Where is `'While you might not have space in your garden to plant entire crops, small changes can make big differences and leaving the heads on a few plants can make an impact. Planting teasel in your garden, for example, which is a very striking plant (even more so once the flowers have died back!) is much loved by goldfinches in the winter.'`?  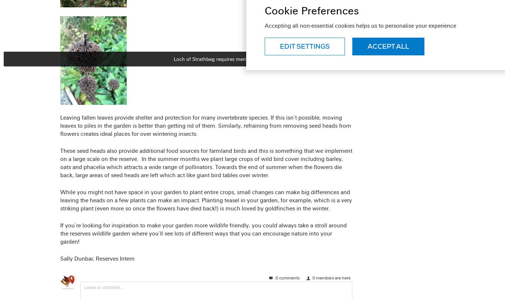 'While you might not have space in your garden to plant entire crops, small changes can make big differences and leaving the heads on a few plants can make an impact. Planting teasel in your garden, for example, which is a very striking plant (even more so once the flowers have died back!) is much loved by goldfinches in the winter.' is located at coordinates (206, 200).